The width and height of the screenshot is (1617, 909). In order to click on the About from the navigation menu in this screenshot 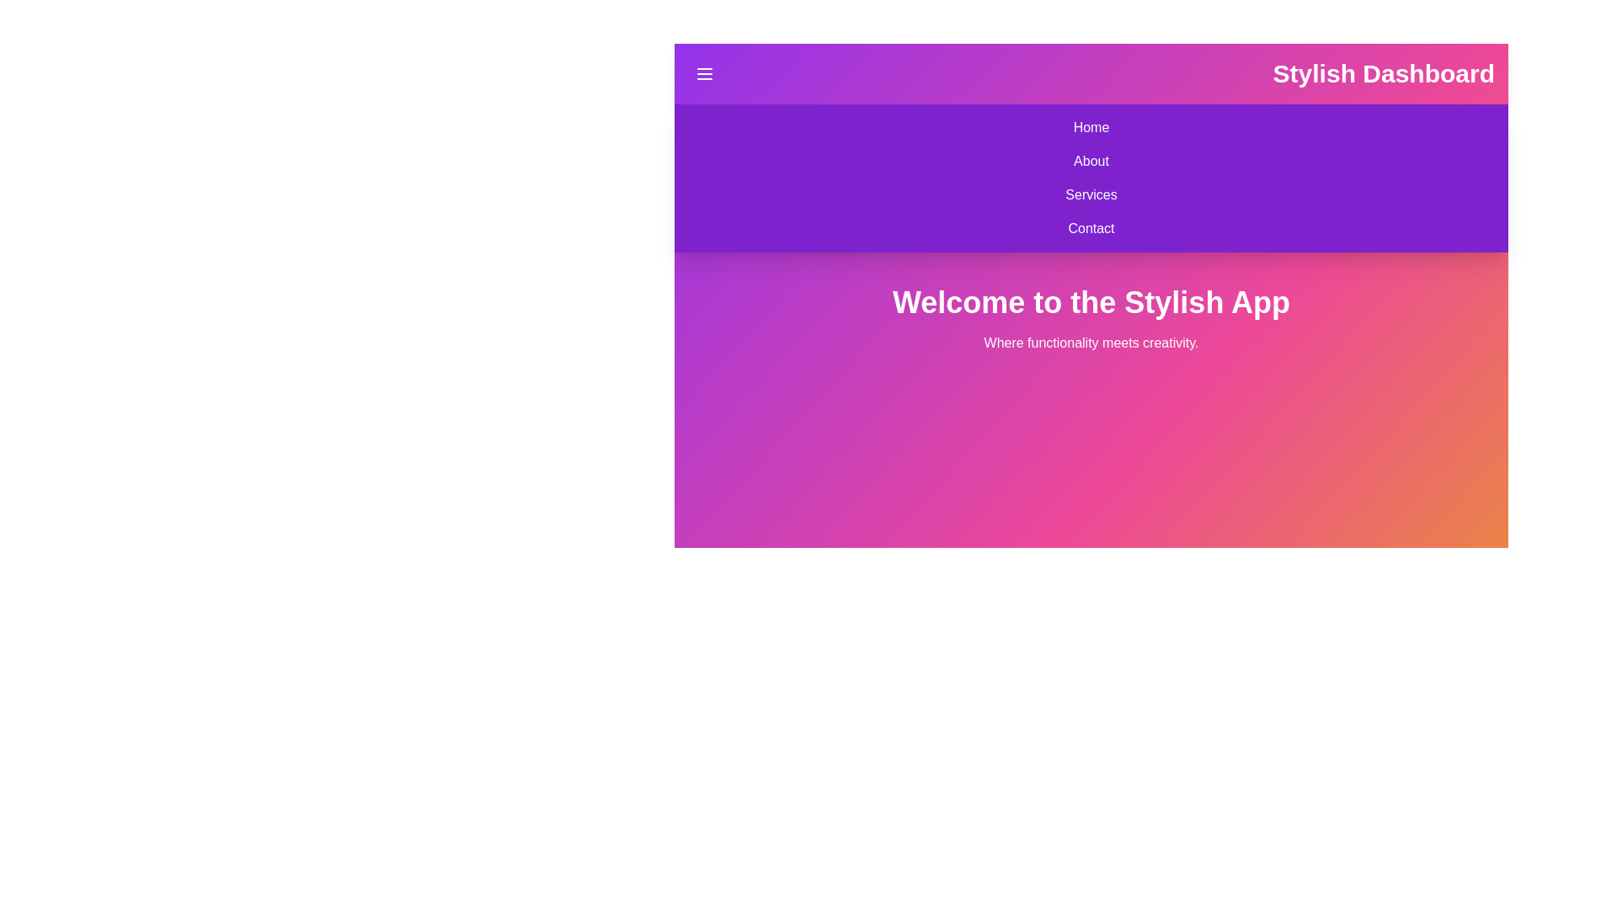, I will do `click(687, 162)`.